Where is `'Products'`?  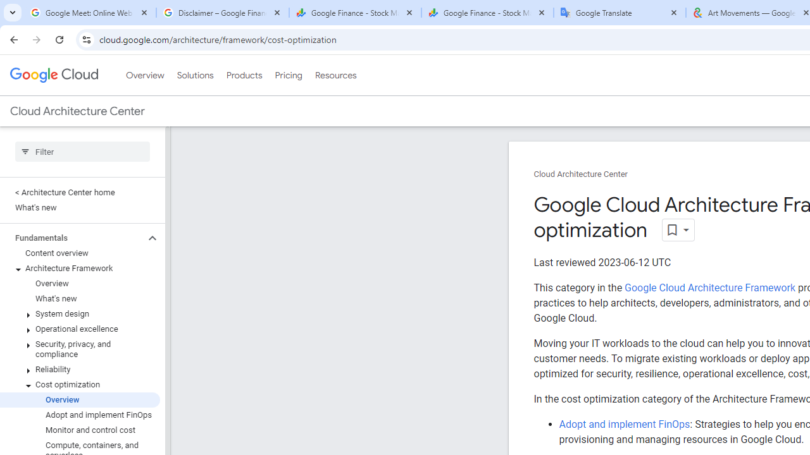 'Products' is located at coordinates (244, 75).